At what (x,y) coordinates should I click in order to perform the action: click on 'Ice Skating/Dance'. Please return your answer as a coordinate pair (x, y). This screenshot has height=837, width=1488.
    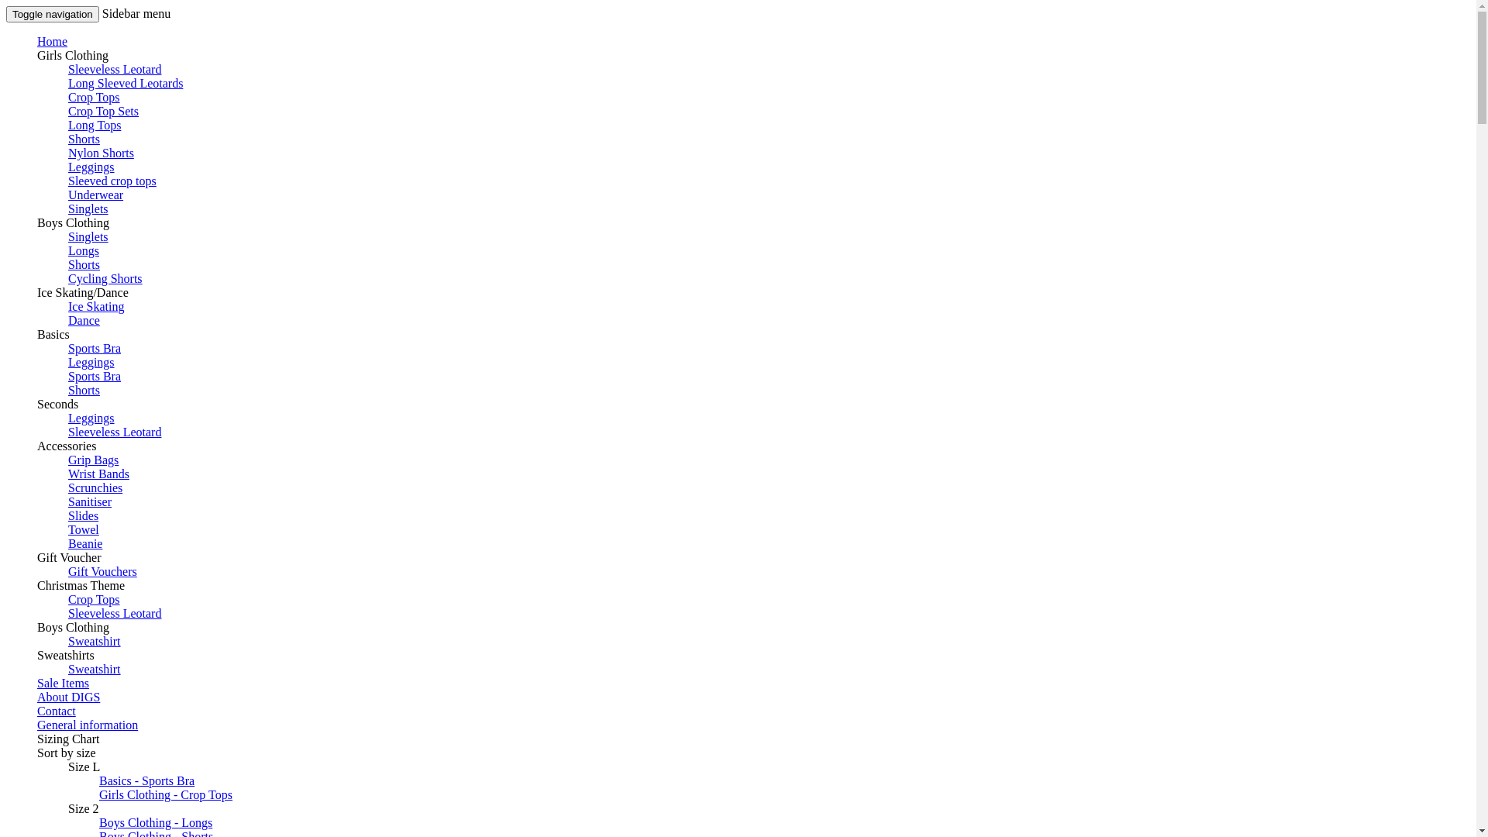
    Looking at the image, I should click on (81, 292).